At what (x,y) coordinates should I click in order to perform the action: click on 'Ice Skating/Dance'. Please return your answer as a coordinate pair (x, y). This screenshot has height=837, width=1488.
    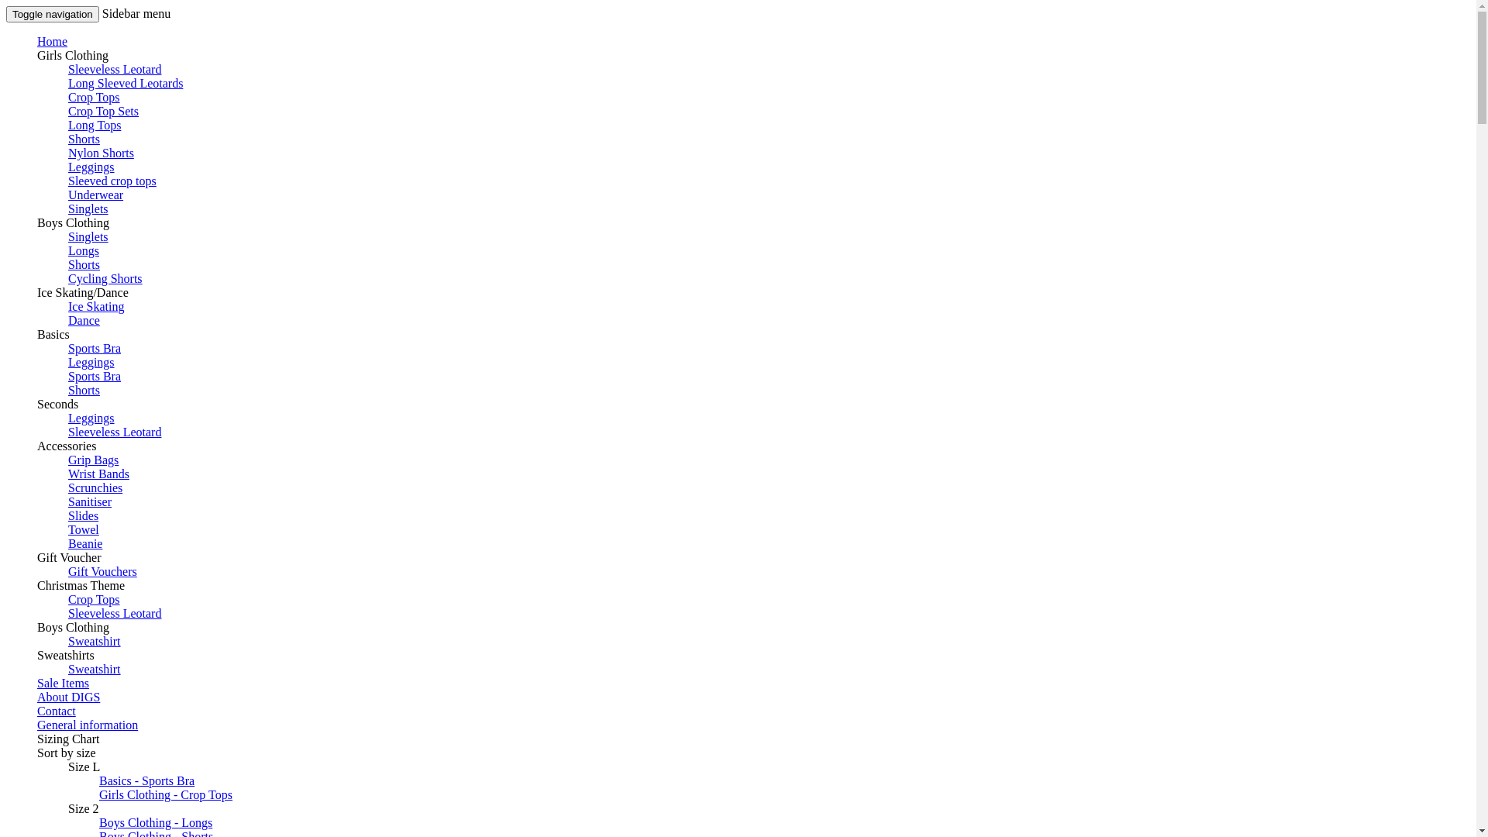
    Looking at the image, I should click on (81, 292).